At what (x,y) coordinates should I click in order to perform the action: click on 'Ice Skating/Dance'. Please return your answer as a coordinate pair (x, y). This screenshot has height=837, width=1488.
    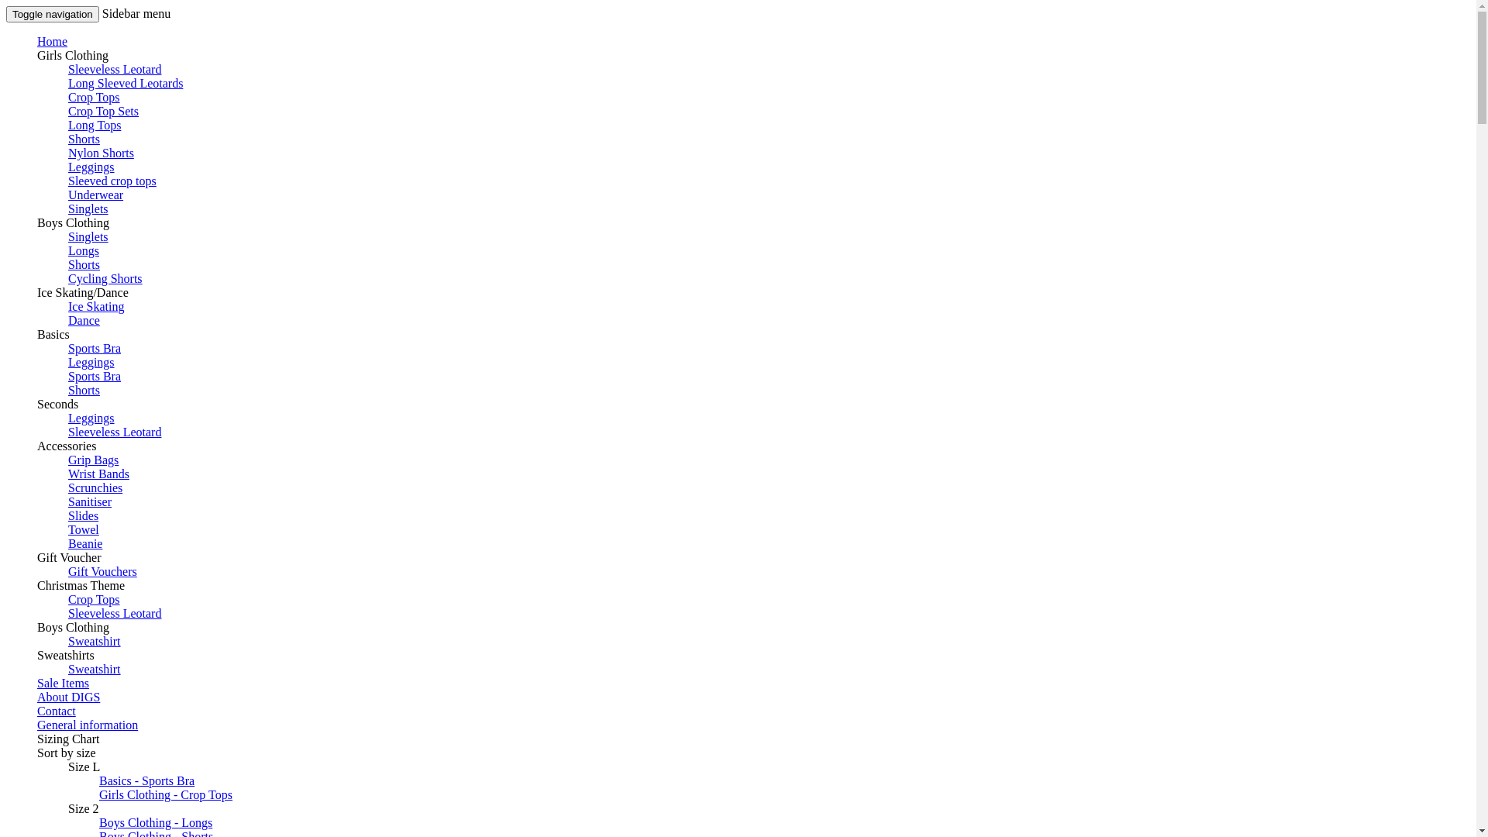
    Looking at the image, I should click on (81, 292).